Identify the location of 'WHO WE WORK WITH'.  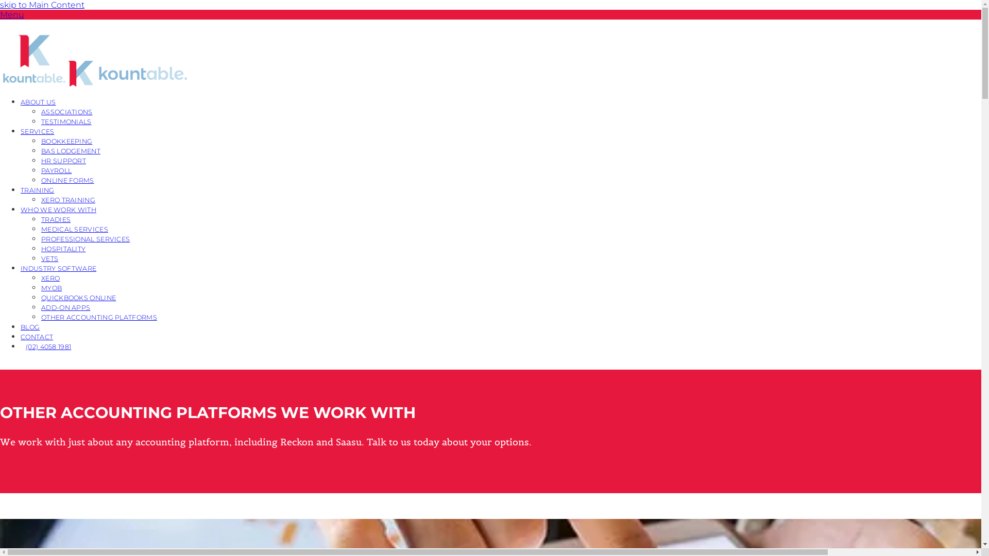
(58, 208).